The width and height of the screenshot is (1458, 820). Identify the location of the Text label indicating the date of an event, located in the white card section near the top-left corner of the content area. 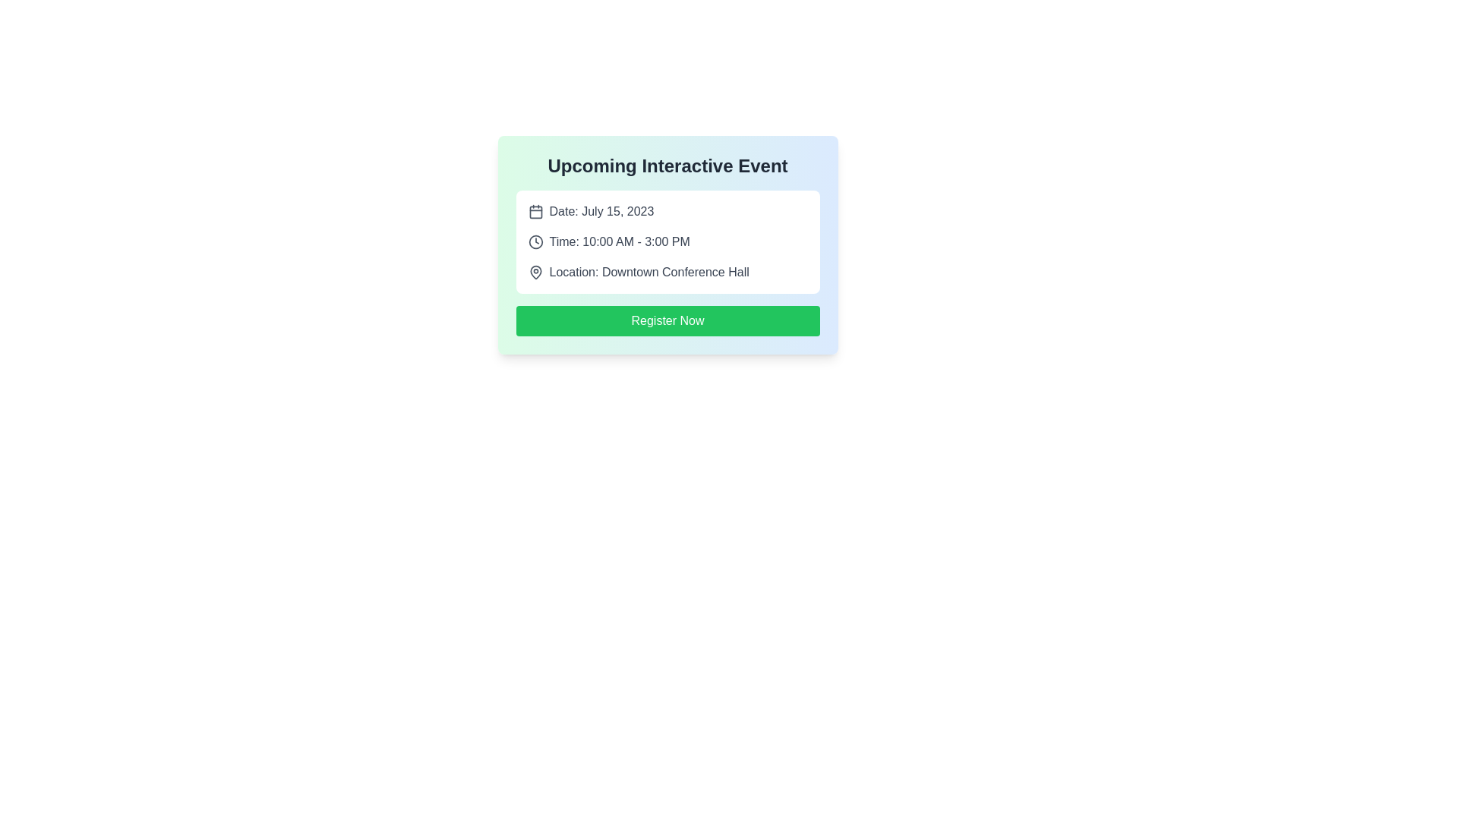
(601, 211).